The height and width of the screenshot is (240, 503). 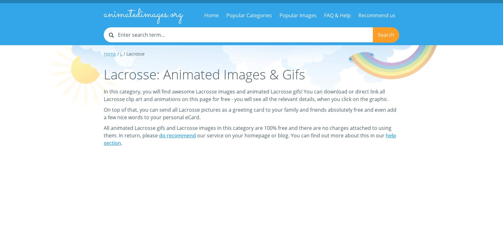 I want to click on 'our service on your homepage or blog. You can find out more about this in our', so click(x=290, y=135).